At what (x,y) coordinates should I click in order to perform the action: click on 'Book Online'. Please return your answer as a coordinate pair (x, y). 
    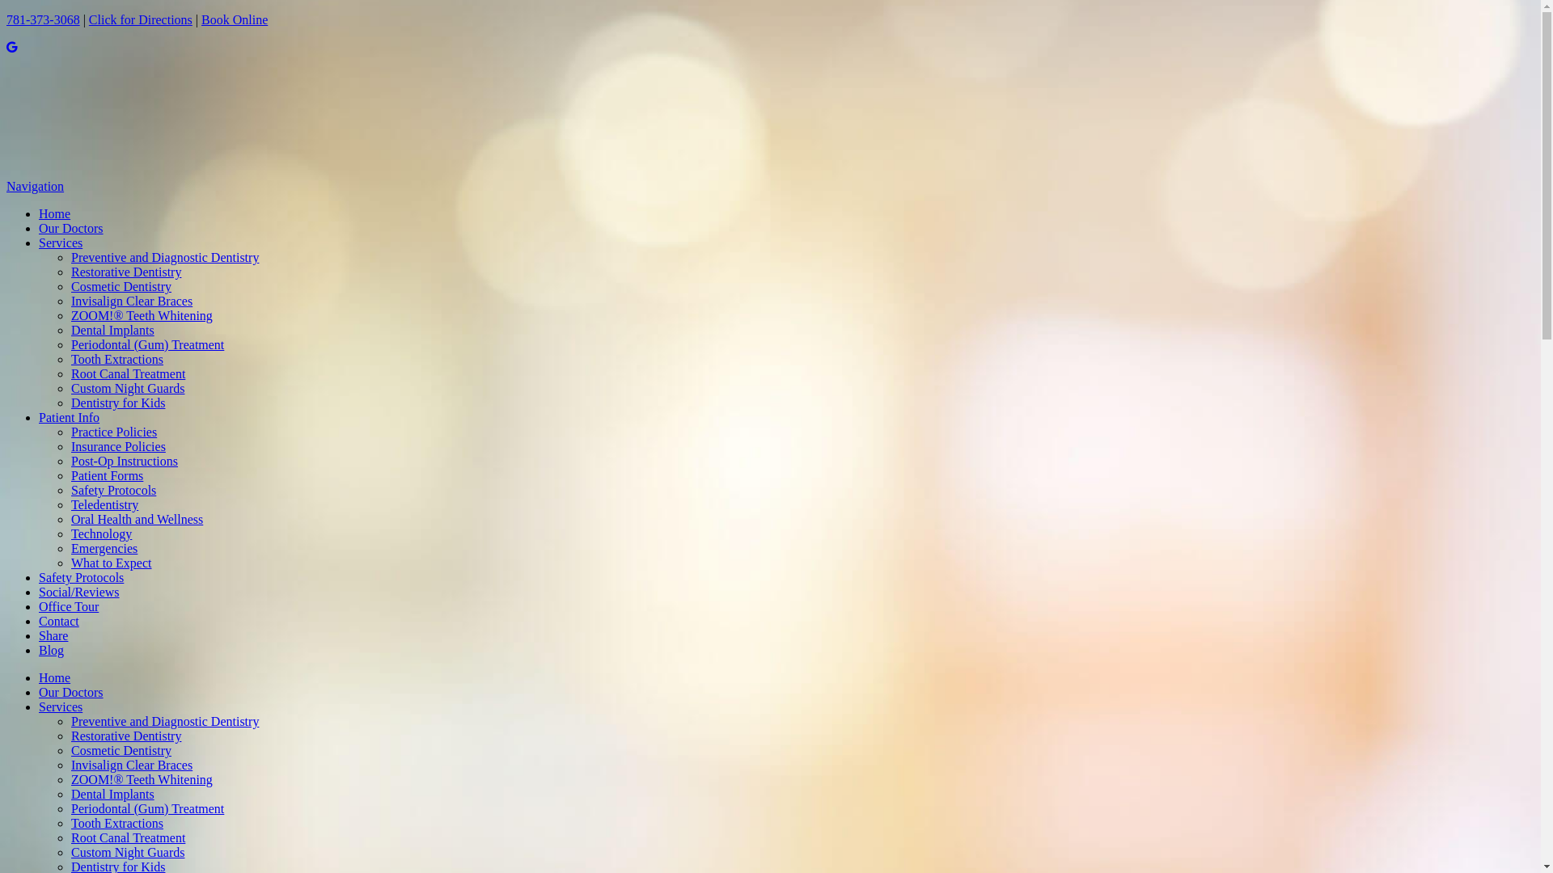
    Looking at the image, I should click on (233, 19).